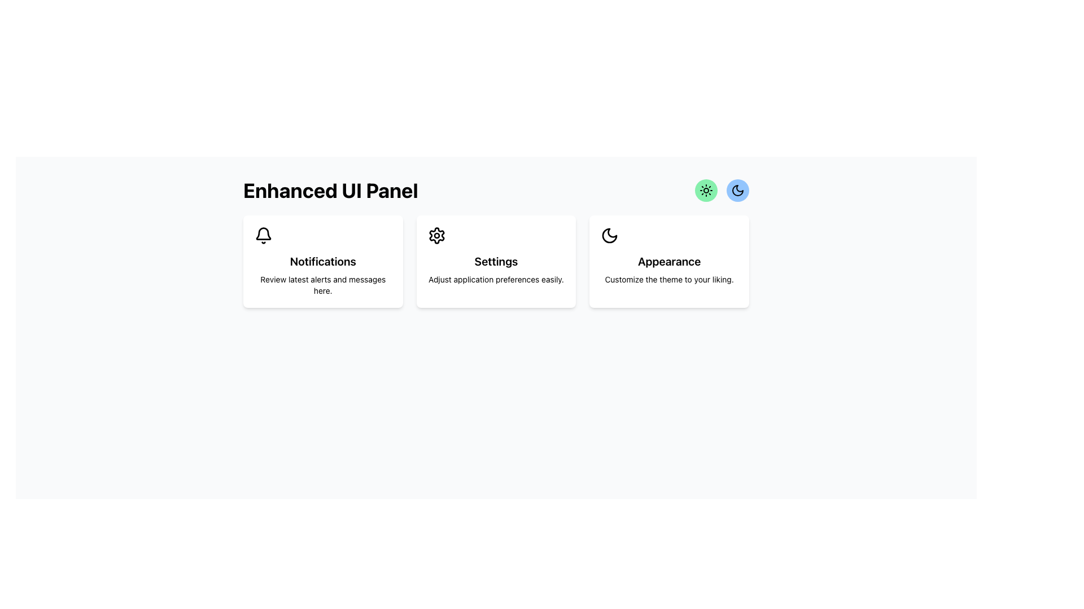 This screenshot has width=1084, height=609. I want to click on the gear-shaped settings icon located above the 'Settings' text in the card layout, so click(436, 235).